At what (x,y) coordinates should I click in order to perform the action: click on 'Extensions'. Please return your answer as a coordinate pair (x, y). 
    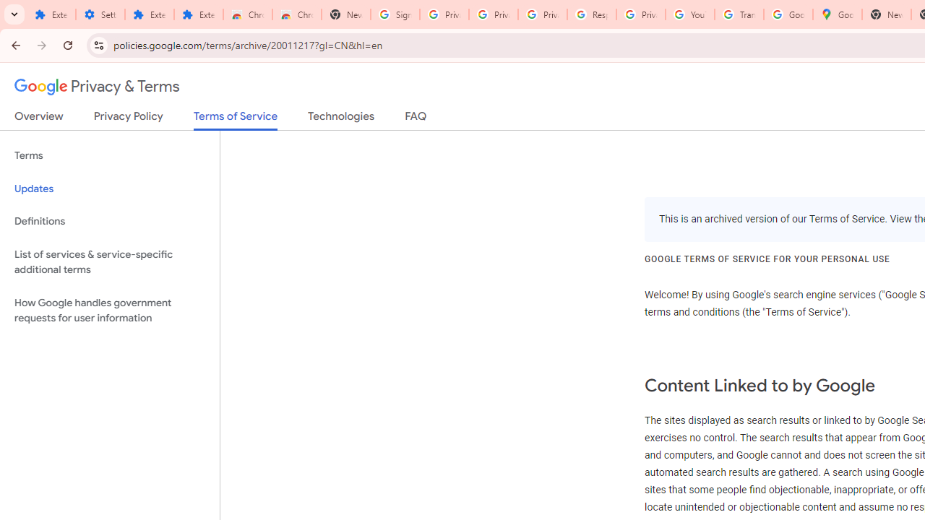
    Looking at the image, I should click on (197, 14).